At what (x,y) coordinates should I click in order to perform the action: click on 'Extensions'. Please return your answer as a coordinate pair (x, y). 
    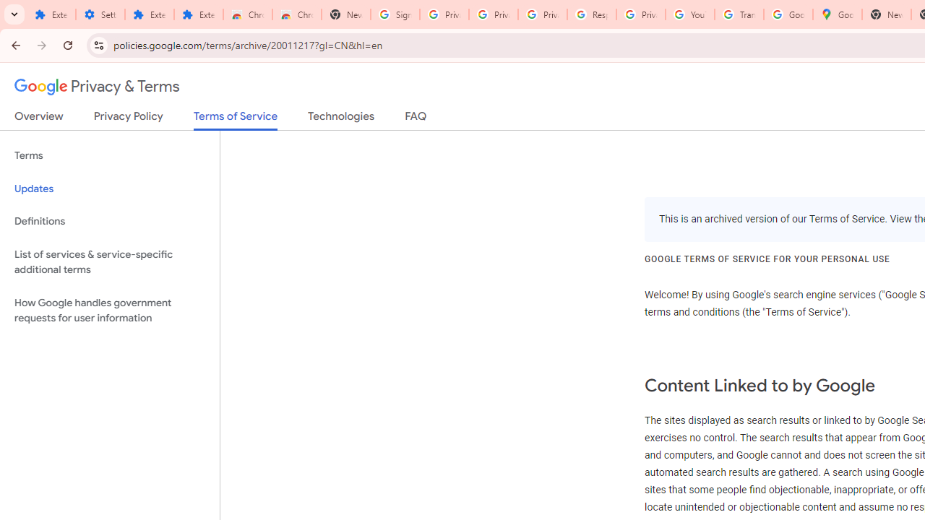
    Looking at the image, I should click on (197, 14).